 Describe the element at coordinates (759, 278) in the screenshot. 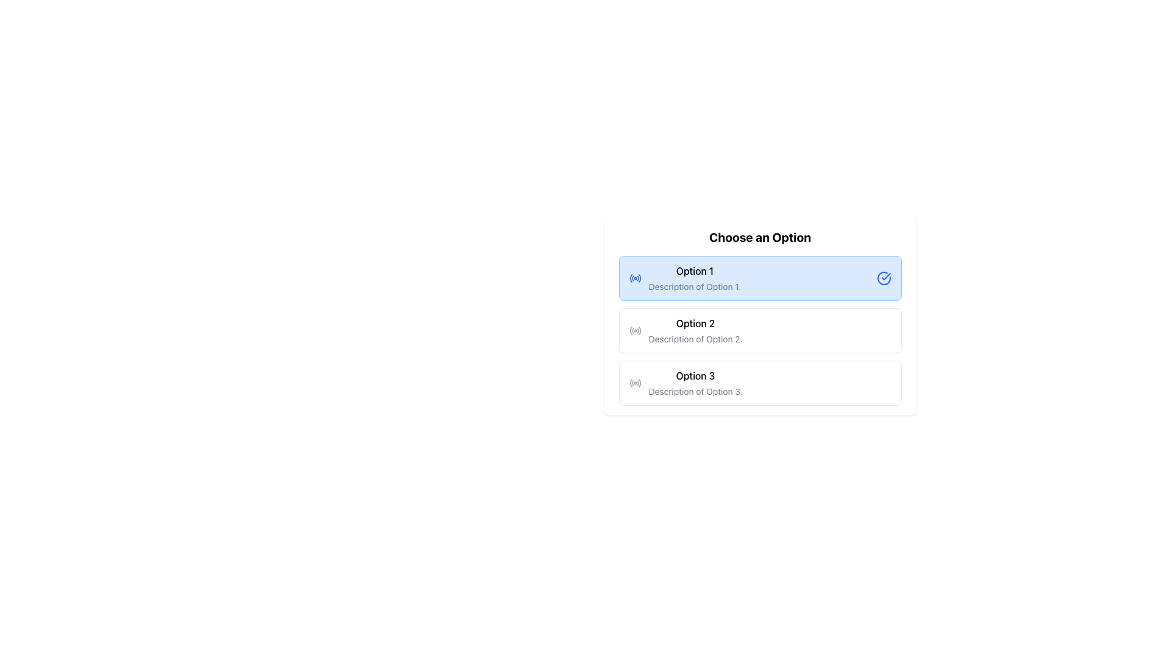

I see `the first Selection Option Box labeled 'Option 1'` at that location.